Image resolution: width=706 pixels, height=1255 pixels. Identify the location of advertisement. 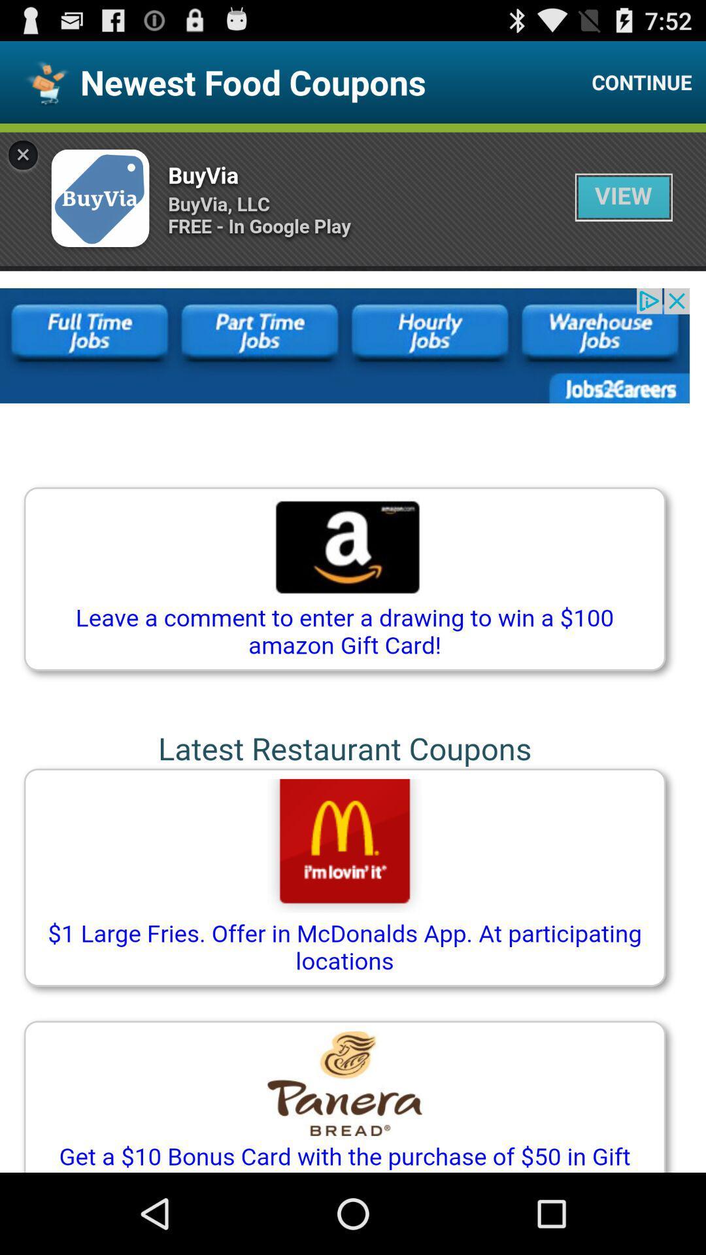
(353, 648).